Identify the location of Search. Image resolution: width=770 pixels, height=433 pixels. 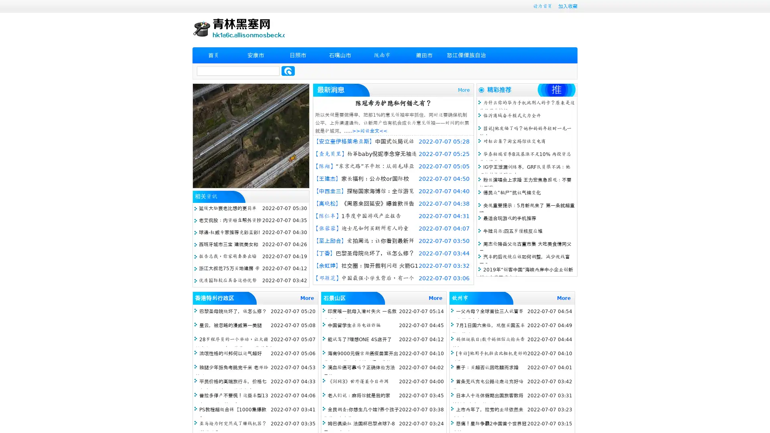
(288, 71).